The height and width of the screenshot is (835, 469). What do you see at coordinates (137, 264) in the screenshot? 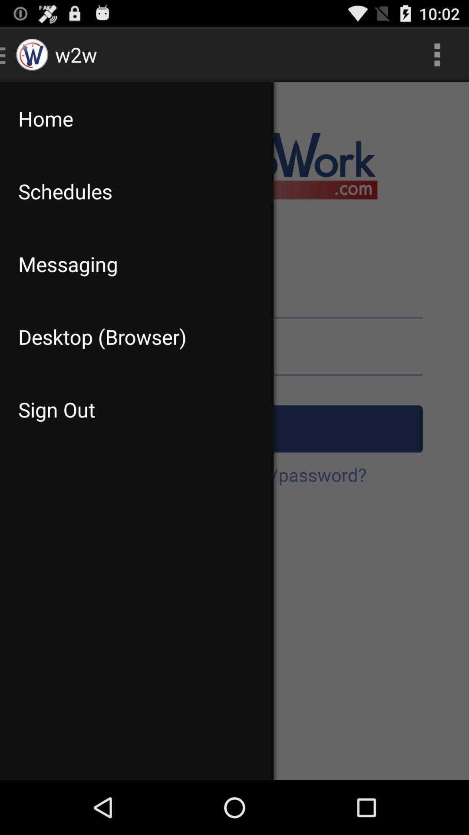
I see `icon above desktop (browser) app` at bounding box center [137, 264].